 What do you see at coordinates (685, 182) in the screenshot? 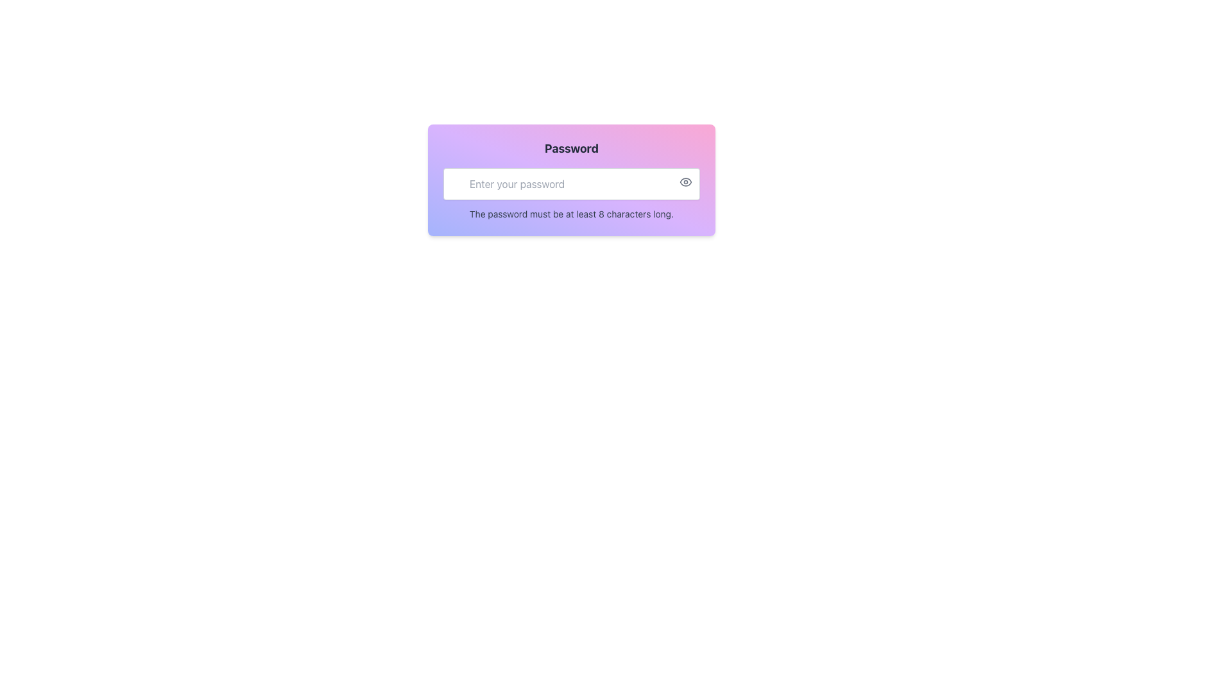
I see `the eye icon button located at the top-right corner of the password input field` at bounding box center [685, 182].